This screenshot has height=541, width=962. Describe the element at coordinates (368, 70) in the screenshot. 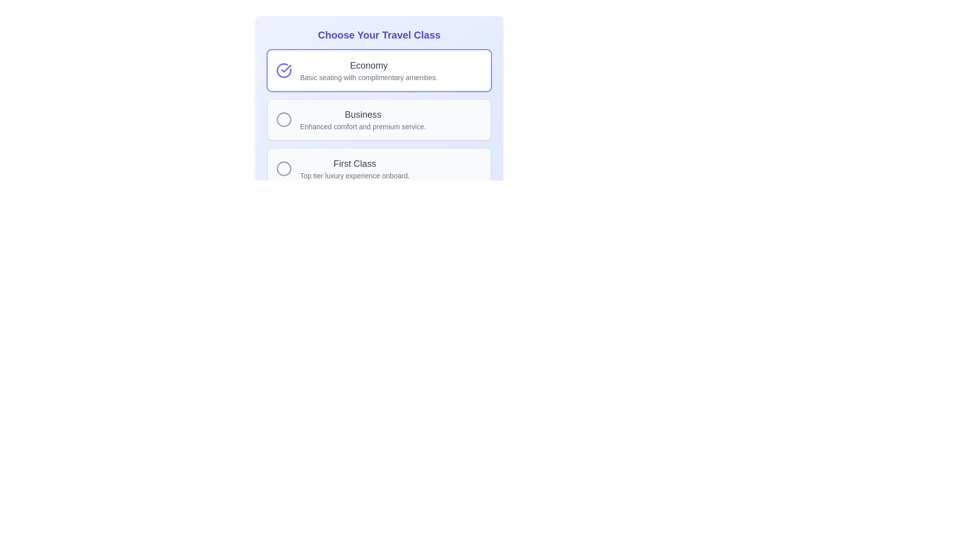

I see `the text display element titled 'Economy' which features a description of 'Basic seating with complimentary amenities.' This element is the first selectable option in the 'Choose Your Travel Class' menu` at that location.